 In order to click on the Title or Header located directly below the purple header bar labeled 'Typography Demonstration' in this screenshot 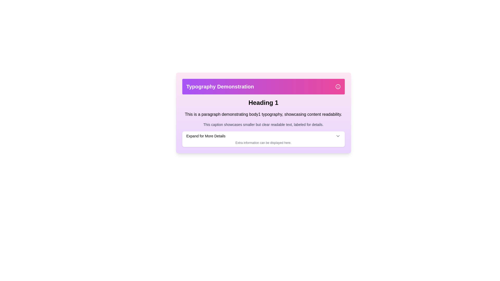, I will do `click(263, 103)`.